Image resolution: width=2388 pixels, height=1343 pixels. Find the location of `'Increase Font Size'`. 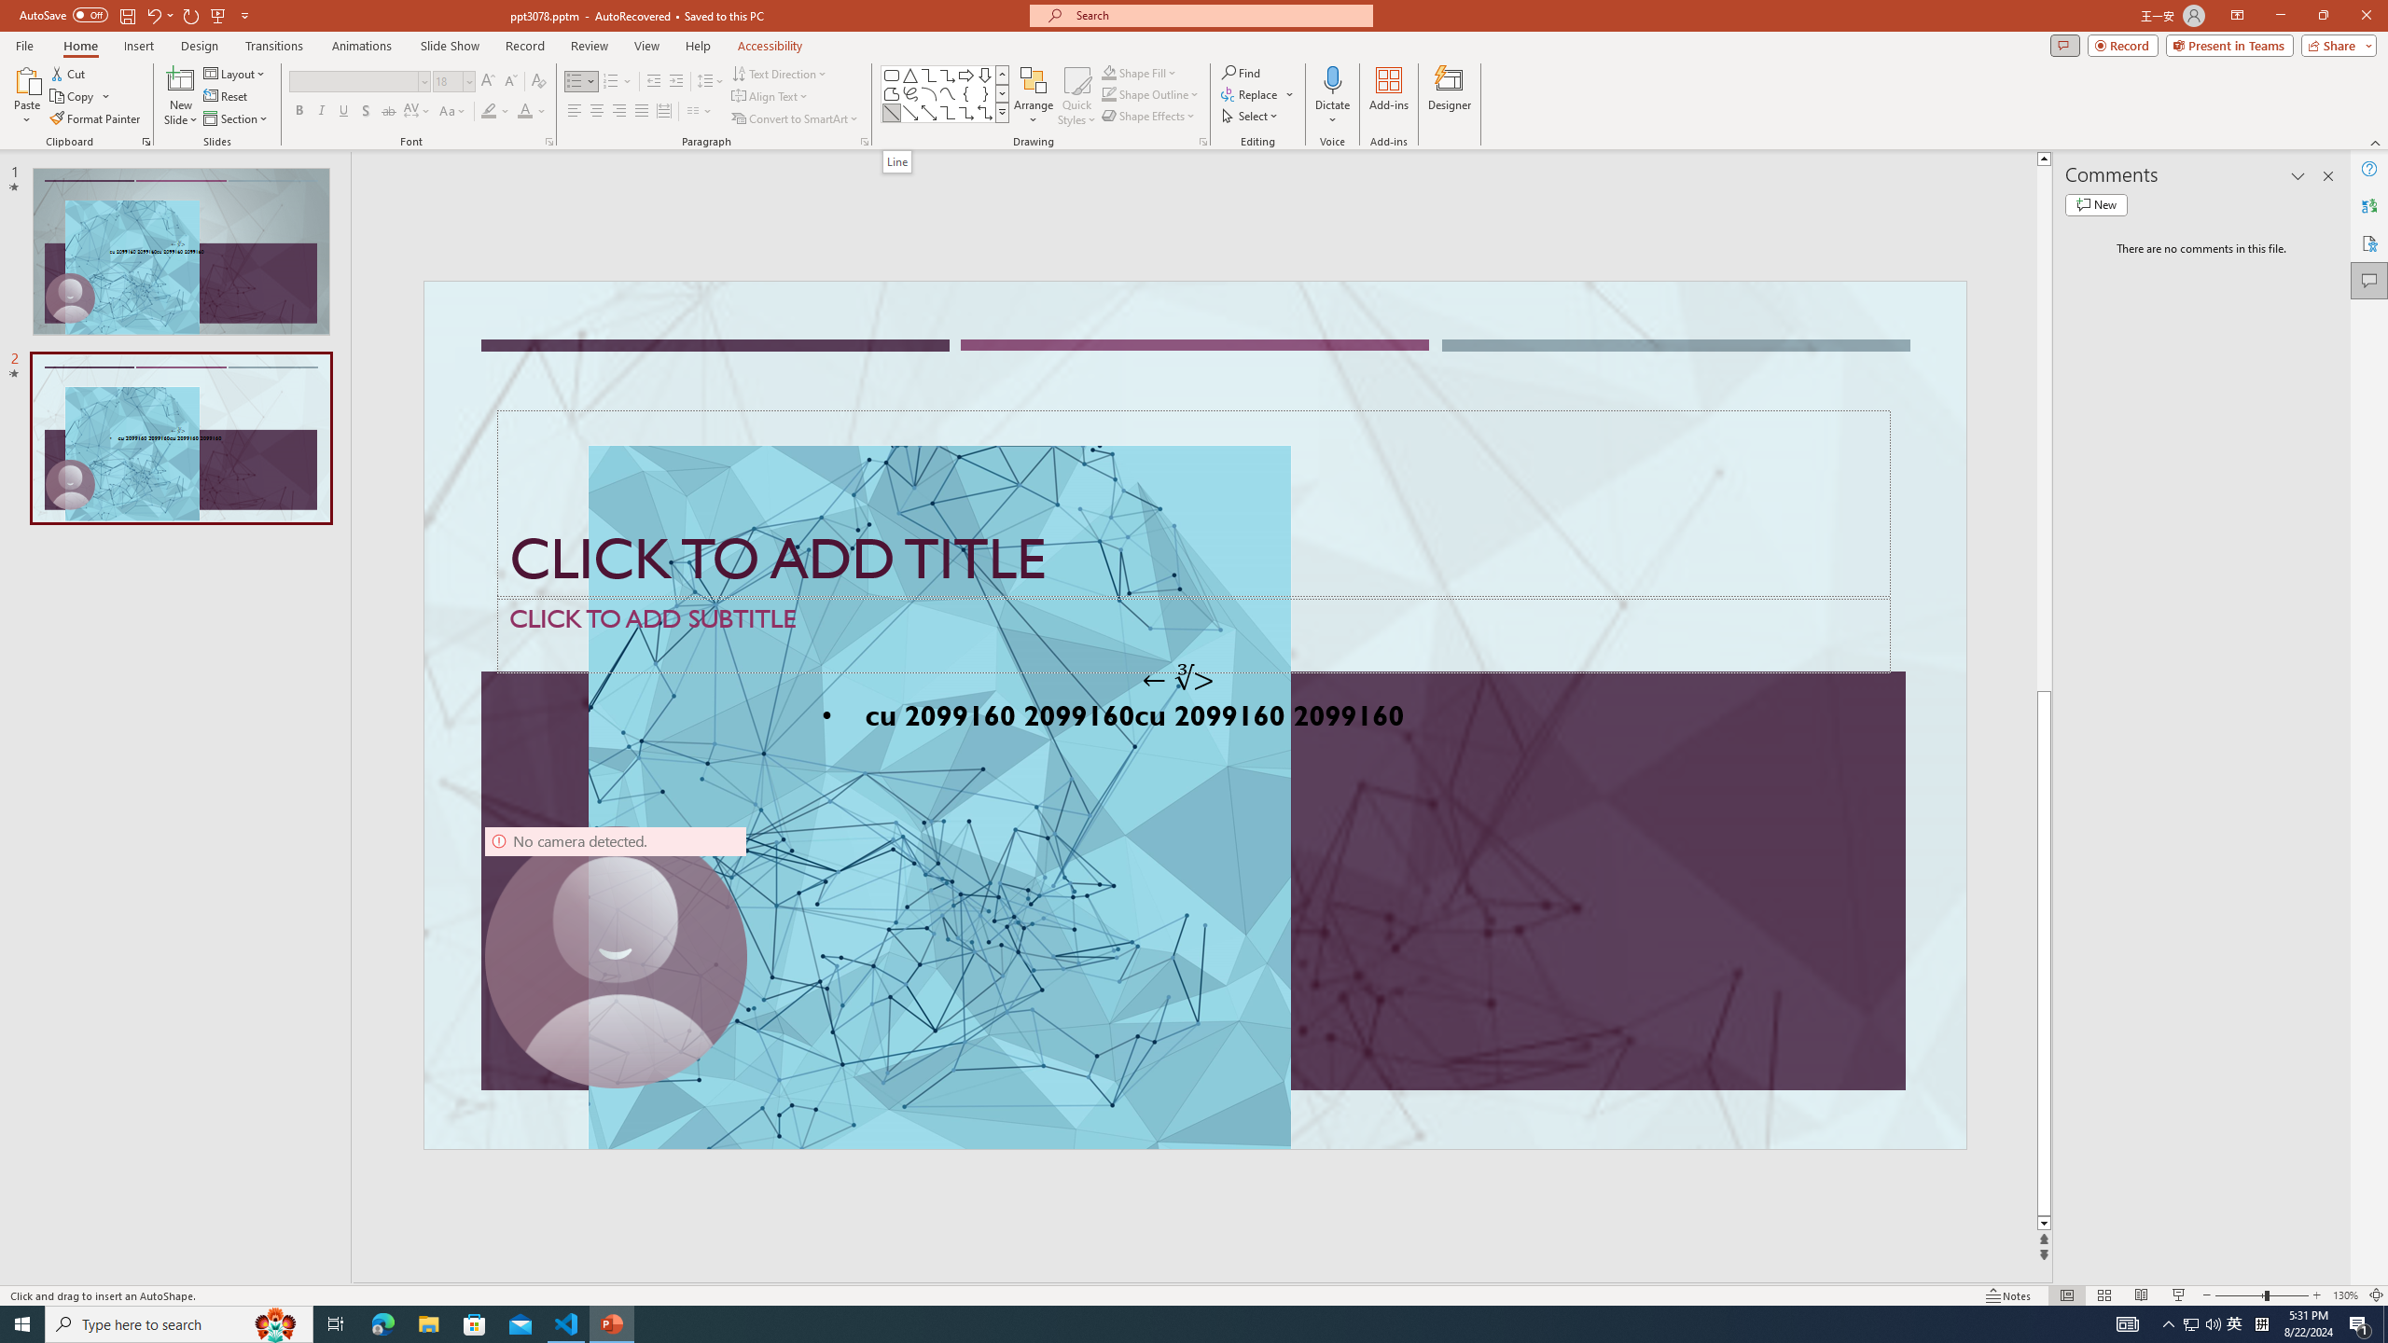

'Increase Font Size' is located at coordinates (487, 81).